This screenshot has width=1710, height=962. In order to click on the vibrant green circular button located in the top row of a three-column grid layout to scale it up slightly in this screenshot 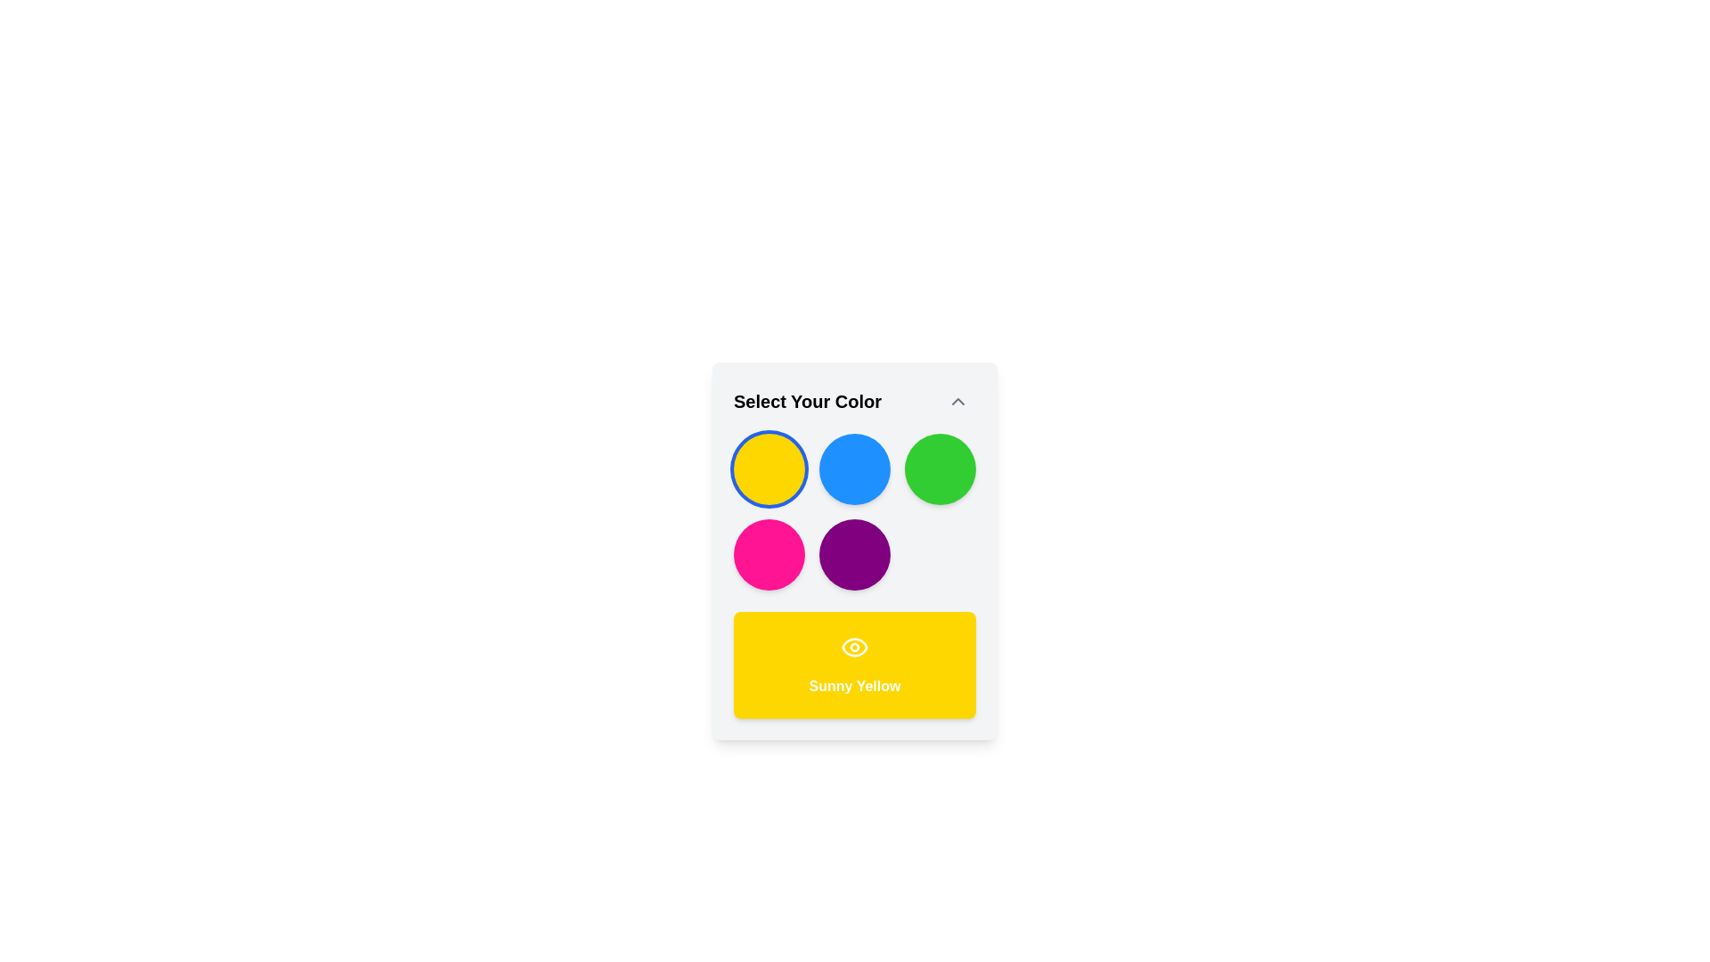, I will do `click(940, 469)`.